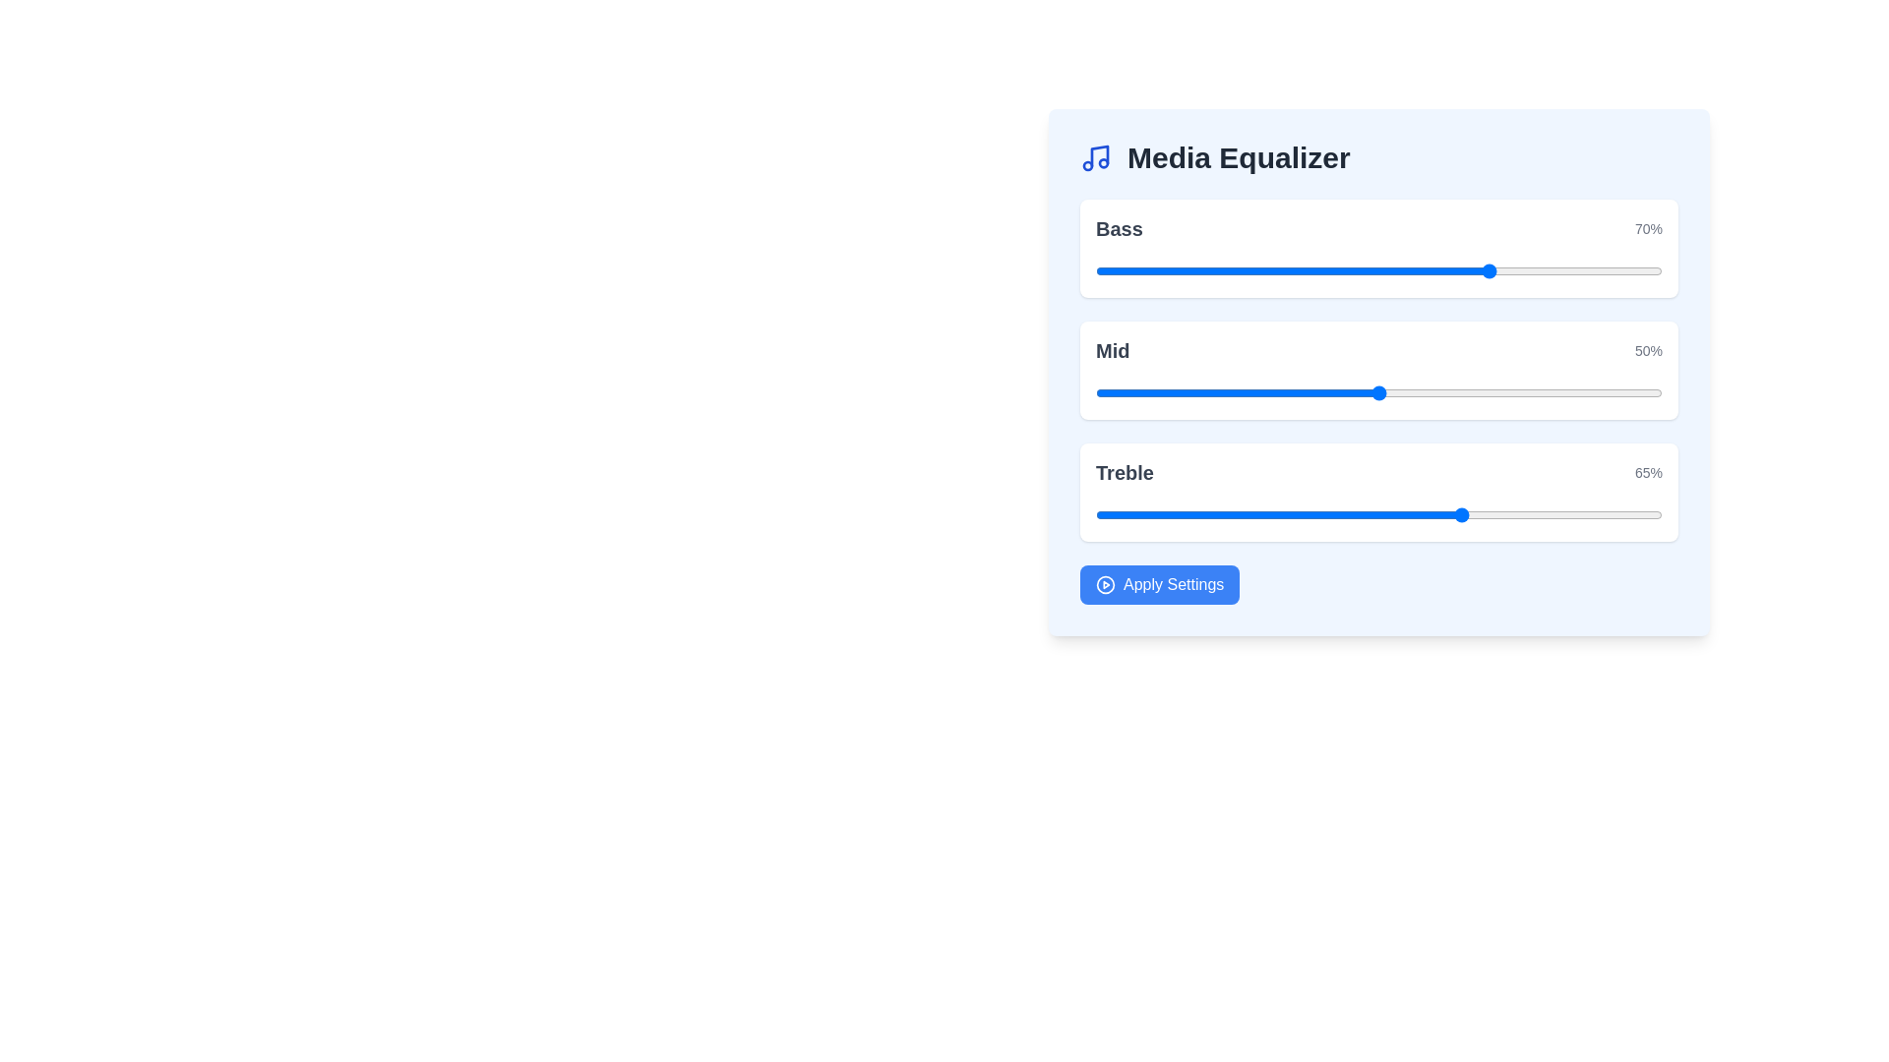 The width and height of the screenshot is (1889, 1062). Describe the element at coordinates (1105, 583) in the screenshot. I see `the play/action icon located to the left of the 'Apply Settings' text within the blue rectangular button at the bottom of the 'Media Equalizer' interface` at that location.